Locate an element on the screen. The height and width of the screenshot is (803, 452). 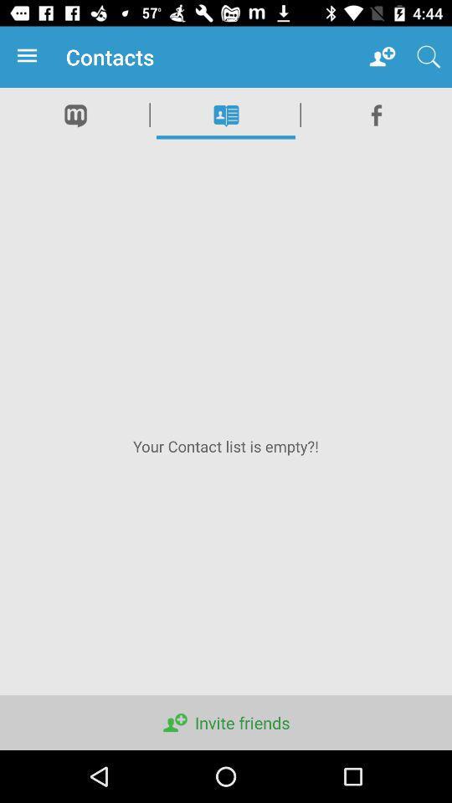
icon next to contacts is located at coordinates (383, 57).